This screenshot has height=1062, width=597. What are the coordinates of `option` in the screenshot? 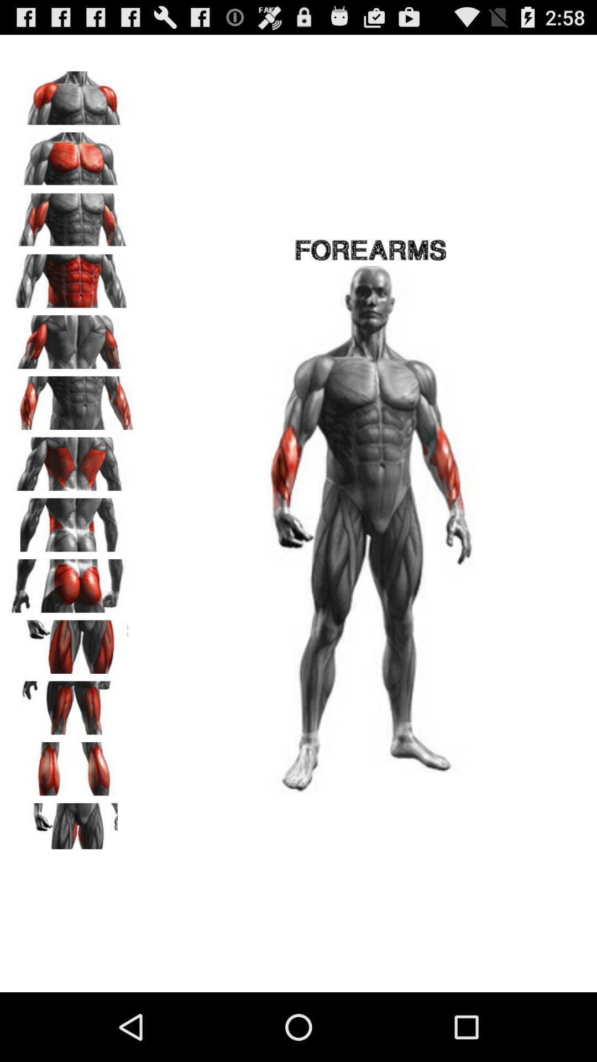 It's located at (72, 764).